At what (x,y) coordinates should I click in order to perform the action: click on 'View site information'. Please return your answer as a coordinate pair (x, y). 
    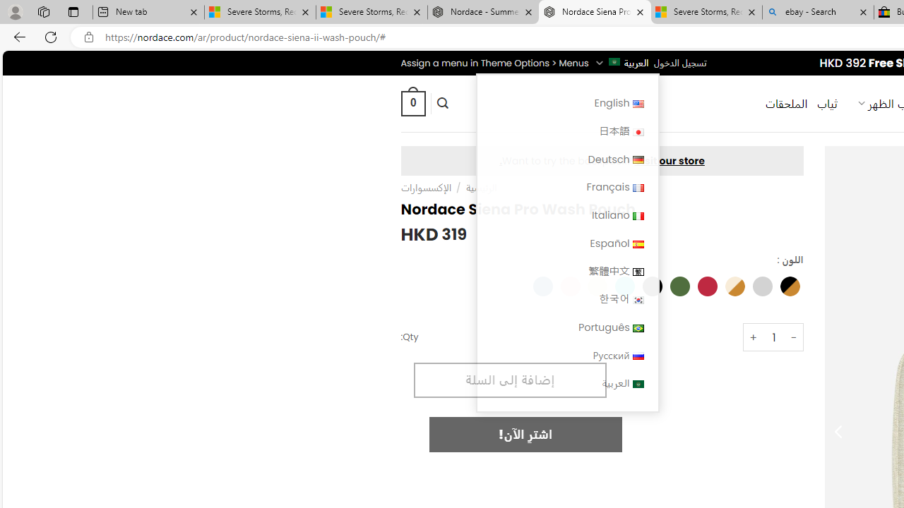
    Looking at the image, I should click on (88, 37).